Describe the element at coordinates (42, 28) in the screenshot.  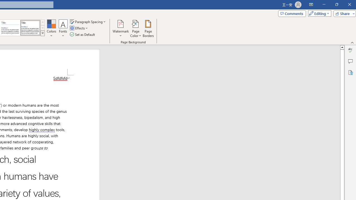
I see `'Row Down'` at that location.